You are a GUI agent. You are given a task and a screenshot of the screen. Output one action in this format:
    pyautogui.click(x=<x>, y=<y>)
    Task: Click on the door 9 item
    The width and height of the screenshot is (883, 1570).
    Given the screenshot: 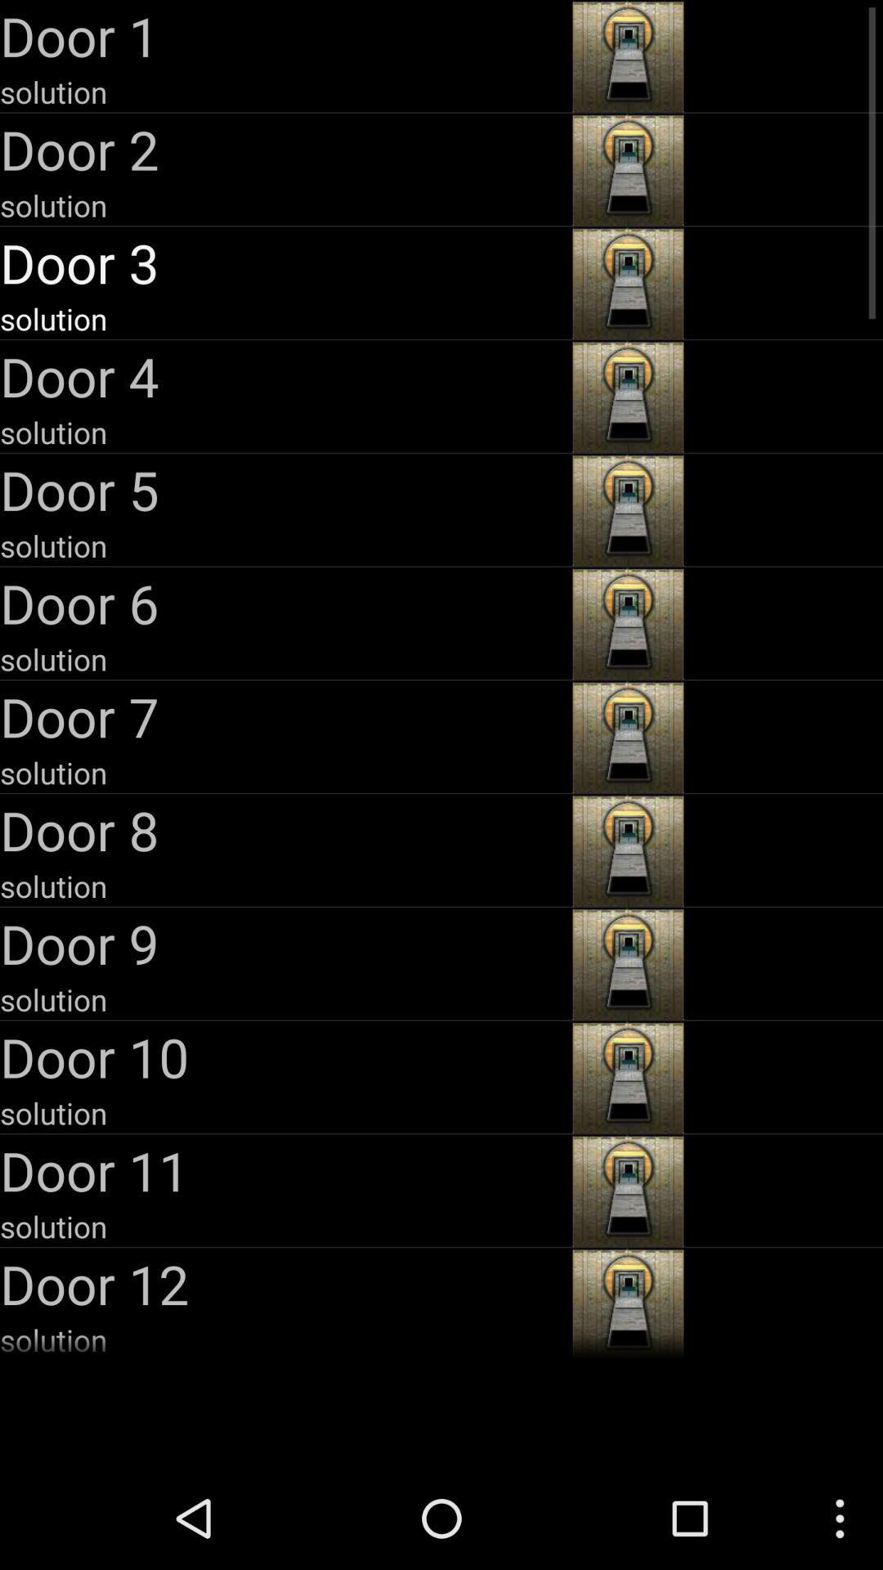 What is the action you would take?
    pyautogui.click(x=283, y=943)
    